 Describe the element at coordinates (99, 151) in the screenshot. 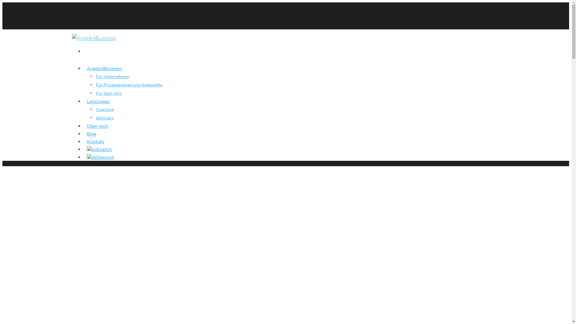

I see `'English'` at that location.